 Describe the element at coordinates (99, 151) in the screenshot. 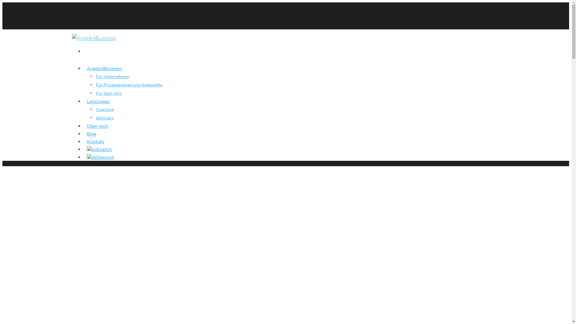

I see `'English'` at that location.